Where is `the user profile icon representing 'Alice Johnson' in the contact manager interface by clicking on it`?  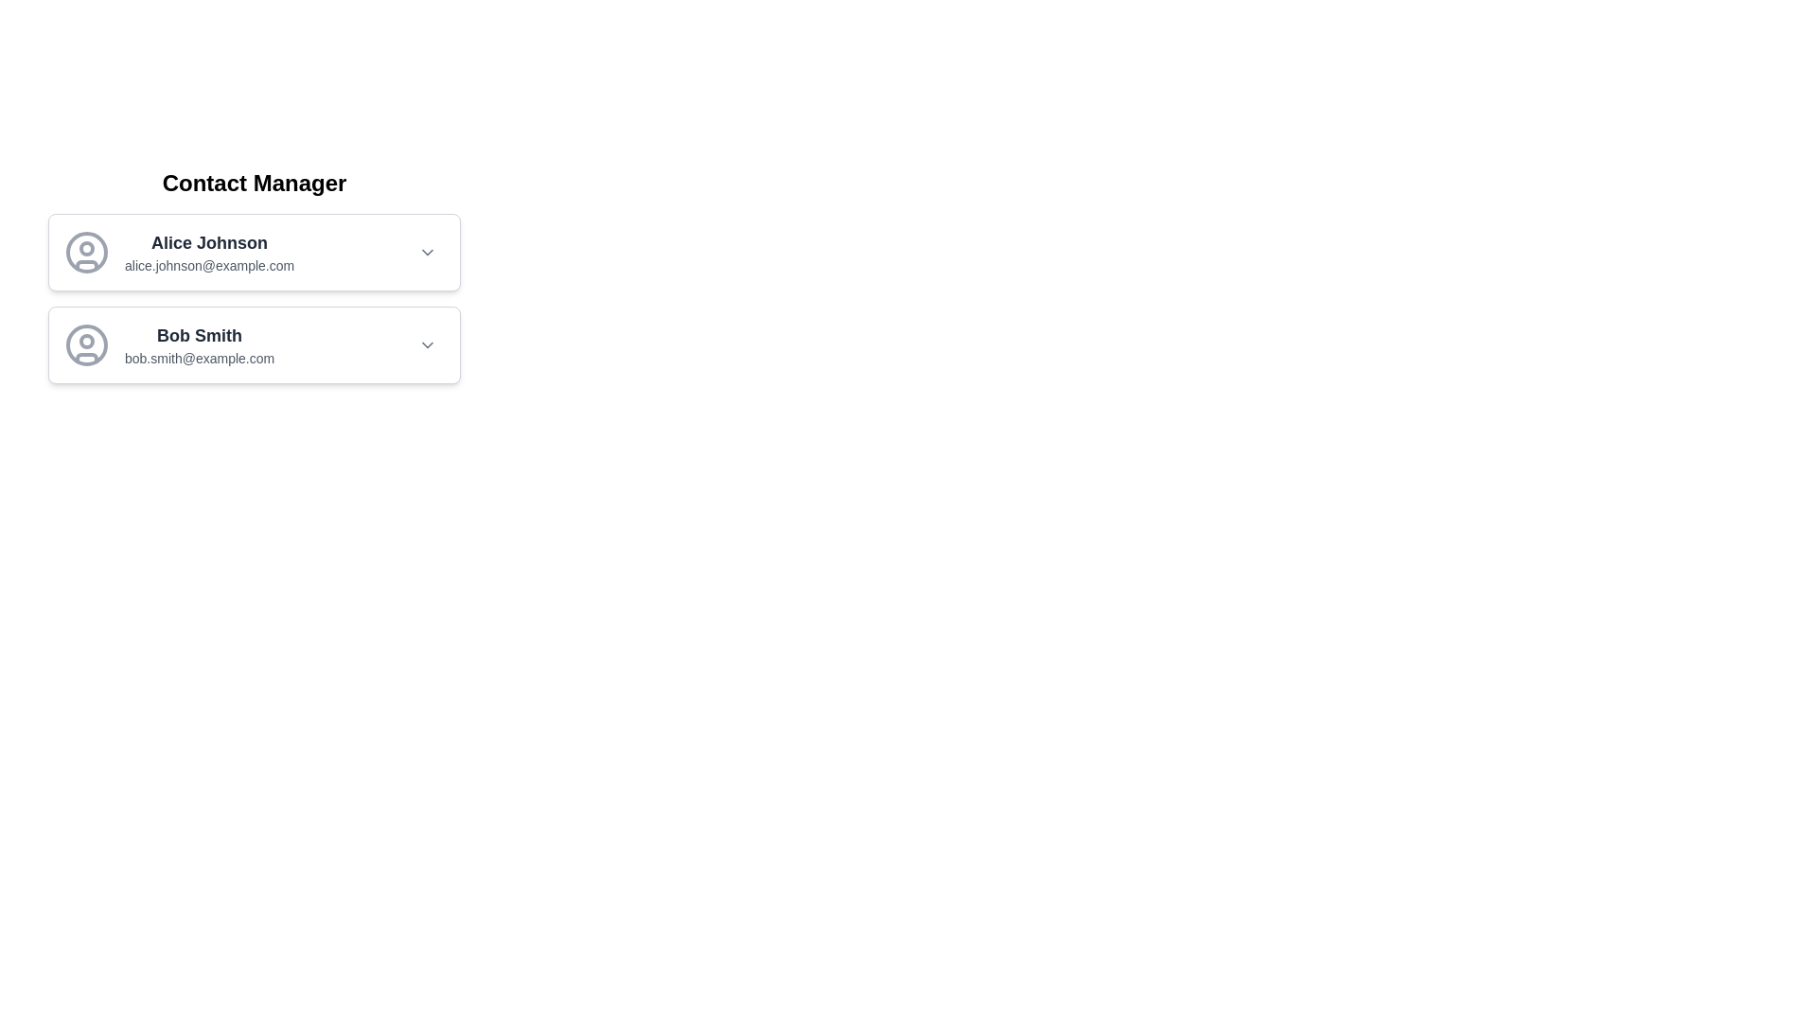
the user profile icon representing 'Alice Johnson' in the contact manager interface by clicking on it is located at coordinates (85, 251).